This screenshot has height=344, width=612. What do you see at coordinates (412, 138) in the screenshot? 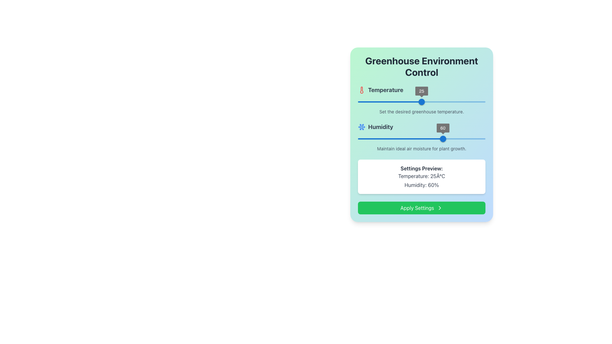
I see `the humidity level` at bounding box center [412, 138].